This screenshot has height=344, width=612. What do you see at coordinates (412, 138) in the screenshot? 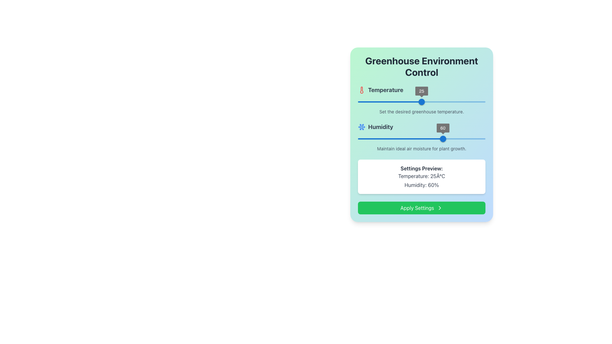
I see `the humidity level` at bounding box center [412, 138].